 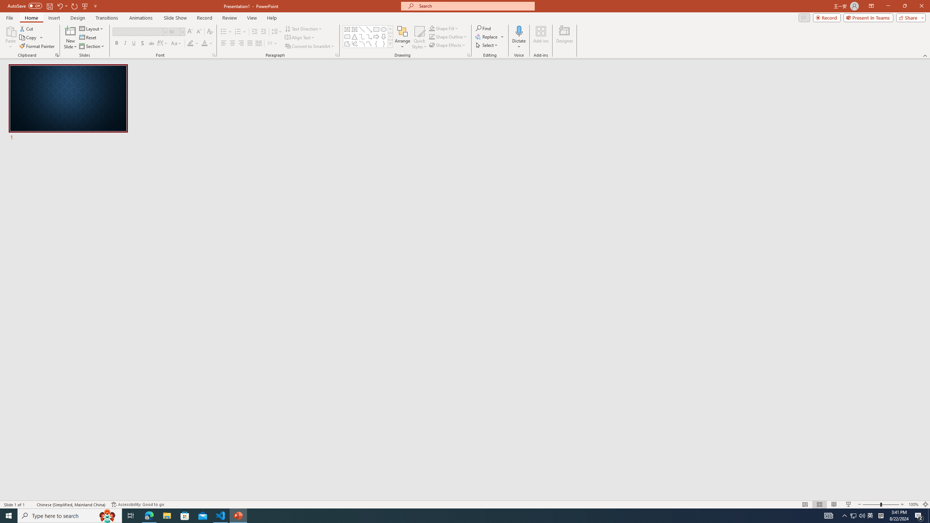 What do you see at coordinates (347, 36) in the screenshot?
I see `'Rectangle: Rounded Corners'` at bounding box center [347, 36].